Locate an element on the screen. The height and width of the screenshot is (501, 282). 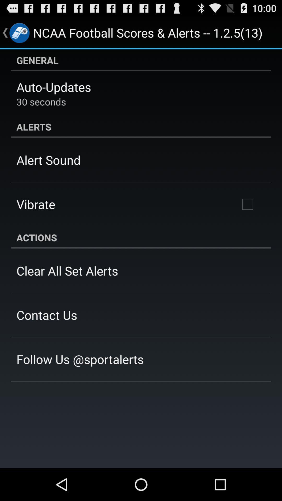
app above contact us app is located at coordinates (67, 271).